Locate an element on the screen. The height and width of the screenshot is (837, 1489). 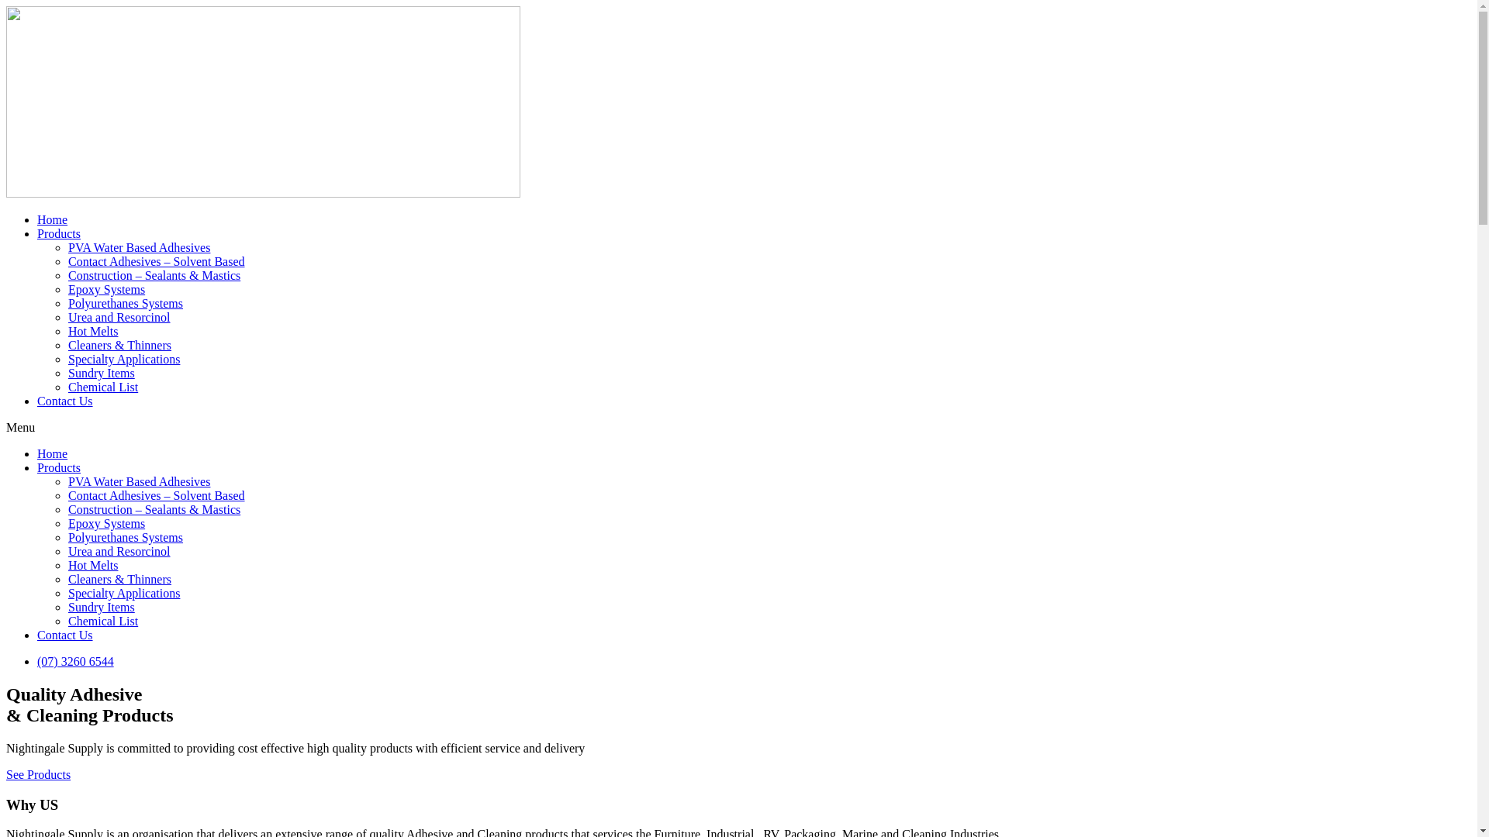
'See Products' is located at coordinates (38, 774).